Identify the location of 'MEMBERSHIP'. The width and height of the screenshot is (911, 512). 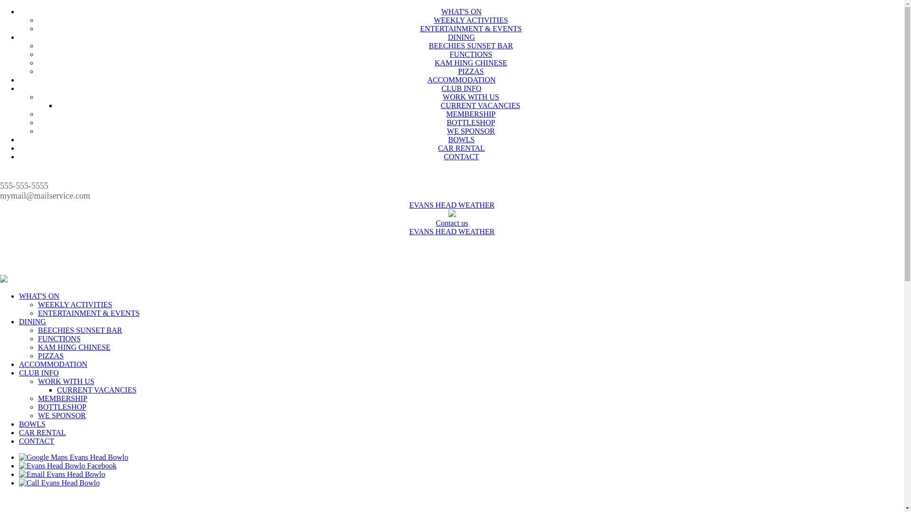
(471, 113).